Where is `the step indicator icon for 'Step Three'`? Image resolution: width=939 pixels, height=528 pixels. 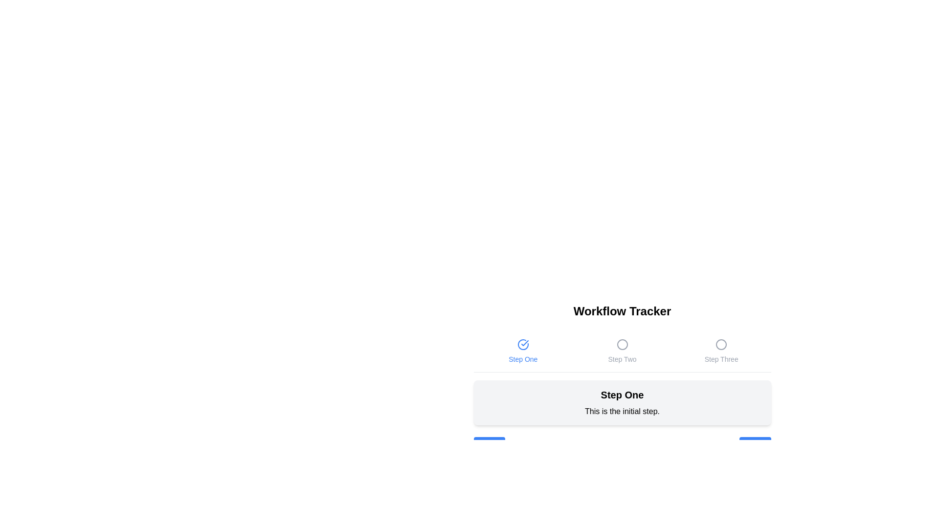
the step indicator icon for 'Step Three' is located at coordinates (721, 344).